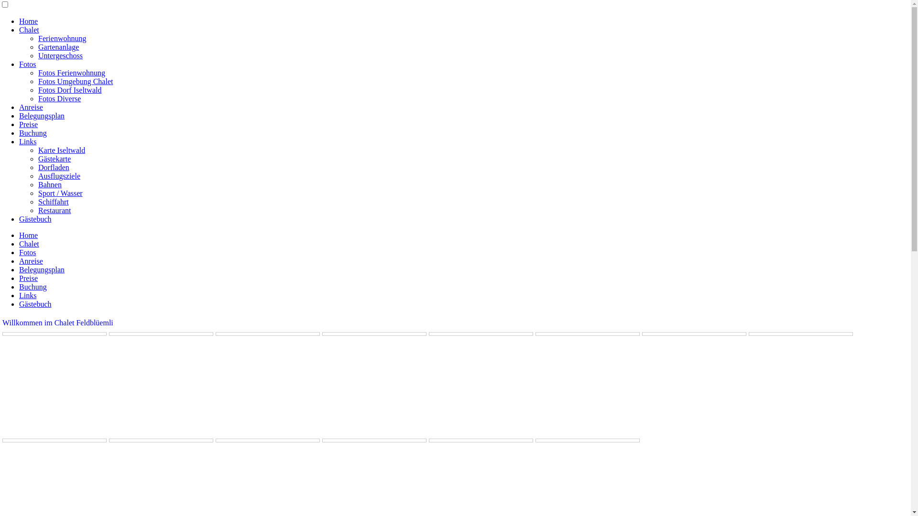 The width and height of the screenshot is (918, 516). Describe the element at coordinates (28, 235) in the screenshot. I see `'Home'` at that location.